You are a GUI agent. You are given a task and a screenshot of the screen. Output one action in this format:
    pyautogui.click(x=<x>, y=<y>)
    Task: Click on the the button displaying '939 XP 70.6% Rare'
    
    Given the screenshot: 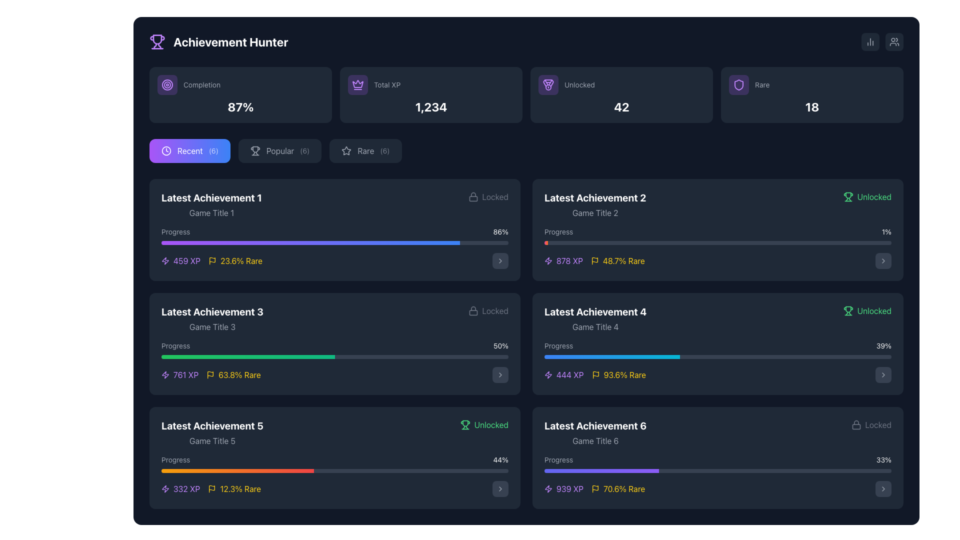 What is the action you would take?
    pyautogui.click(x=883, y=488)
    